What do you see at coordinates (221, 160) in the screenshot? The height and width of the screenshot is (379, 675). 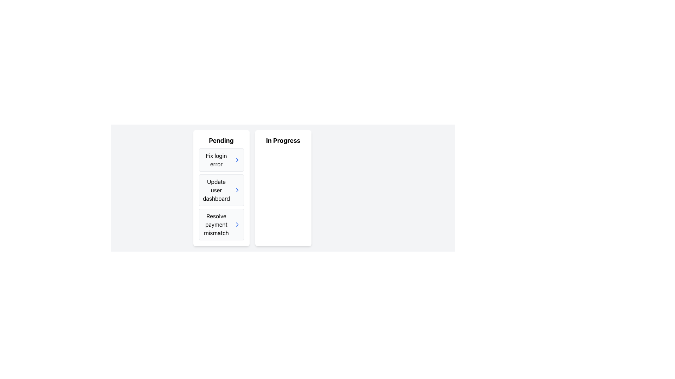 I see `the 'Fix login error' button, which is the first button` at bounding box center [221, 160].